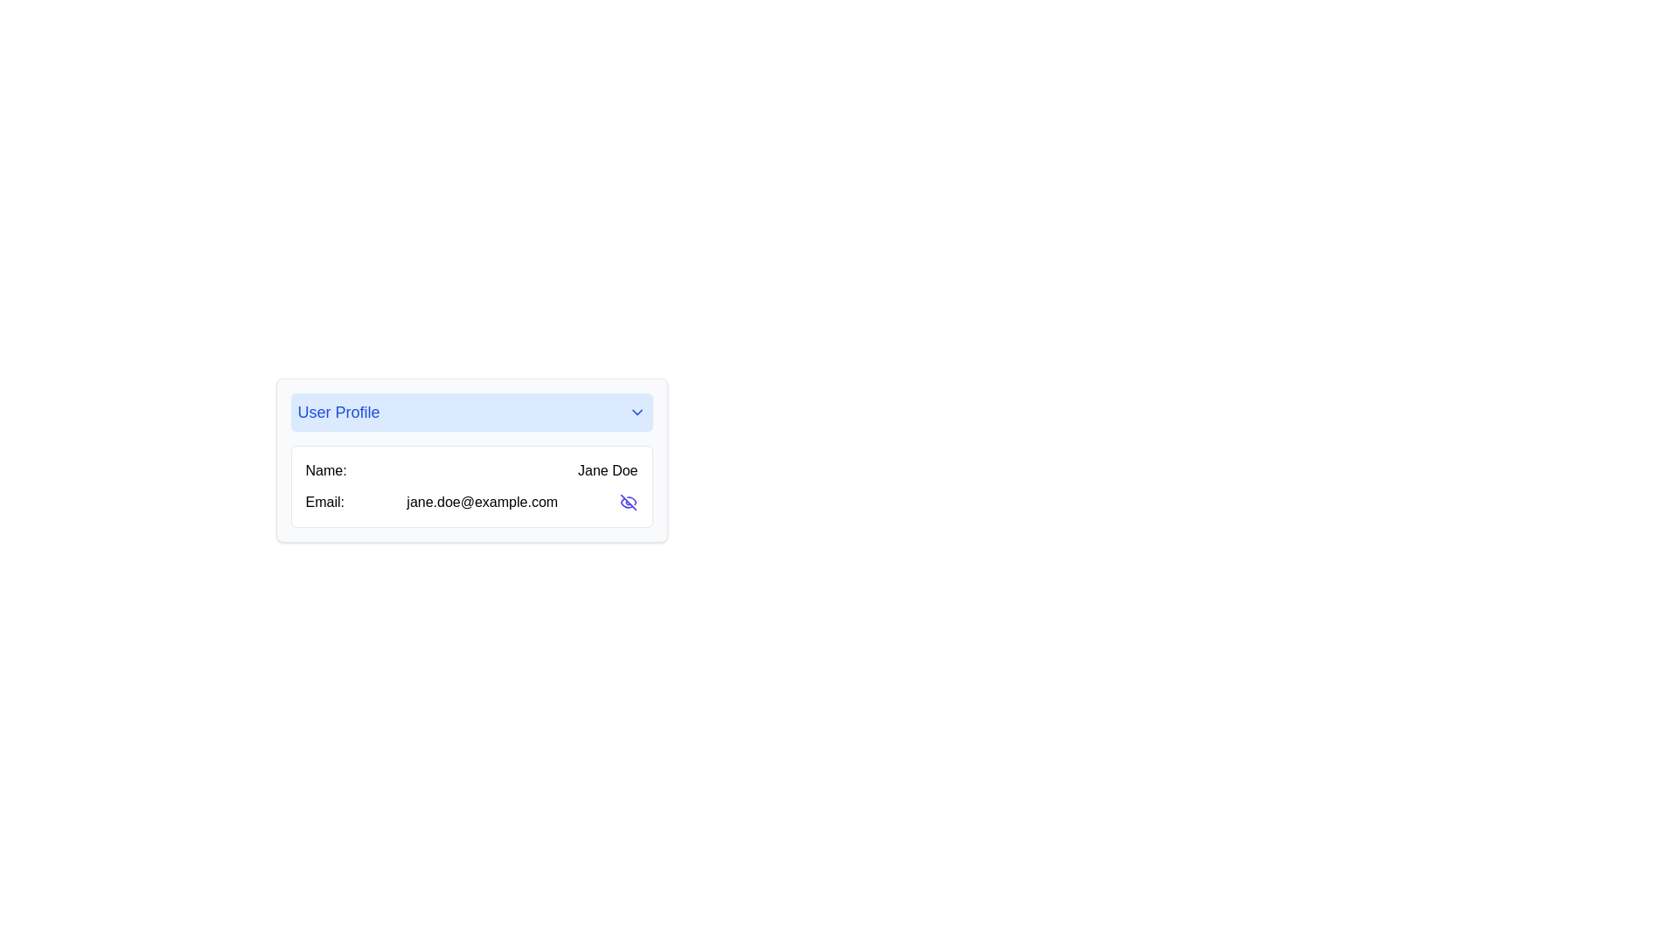  Describe the element at coordinates (482, 502) in the screenshot. I see `the text label displaying the email address 'jane.doe@example.com', which is located next to the label 'Email:' in the user profile card` at that location.